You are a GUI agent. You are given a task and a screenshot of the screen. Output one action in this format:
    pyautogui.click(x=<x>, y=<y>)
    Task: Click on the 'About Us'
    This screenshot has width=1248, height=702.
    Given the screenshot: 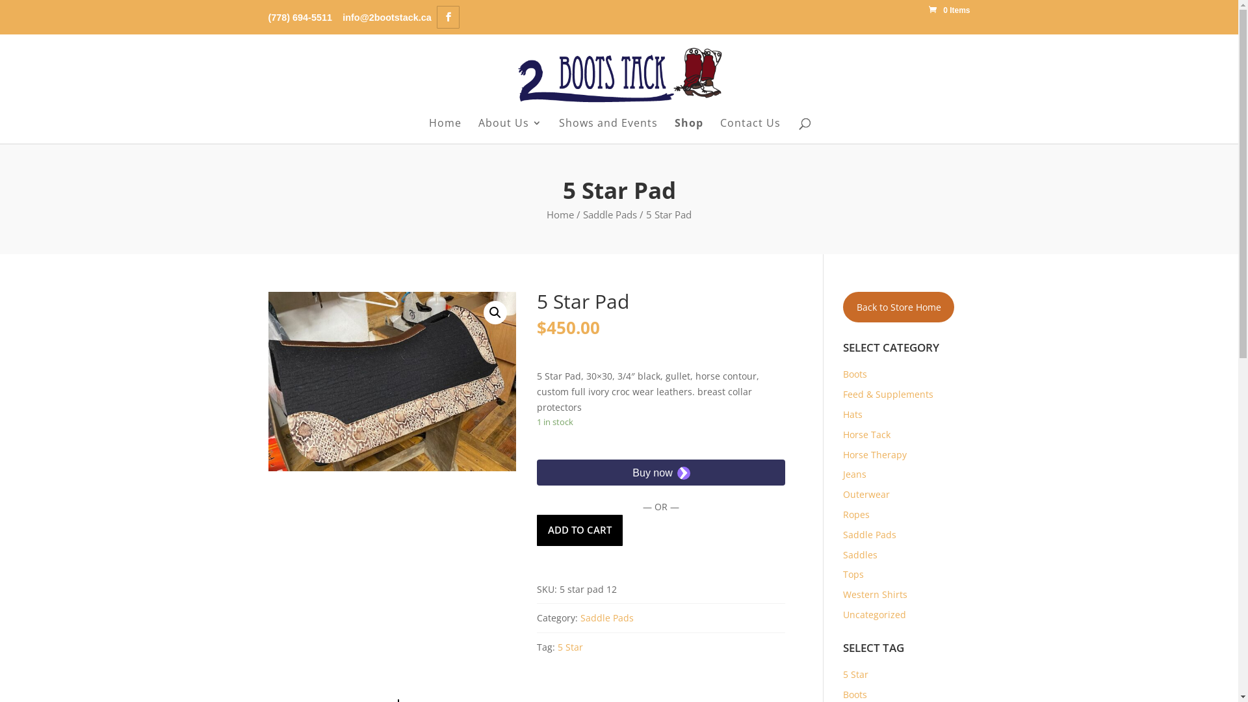 What is the action you would take?
    pyautogui.click(x=477, y=130)
    